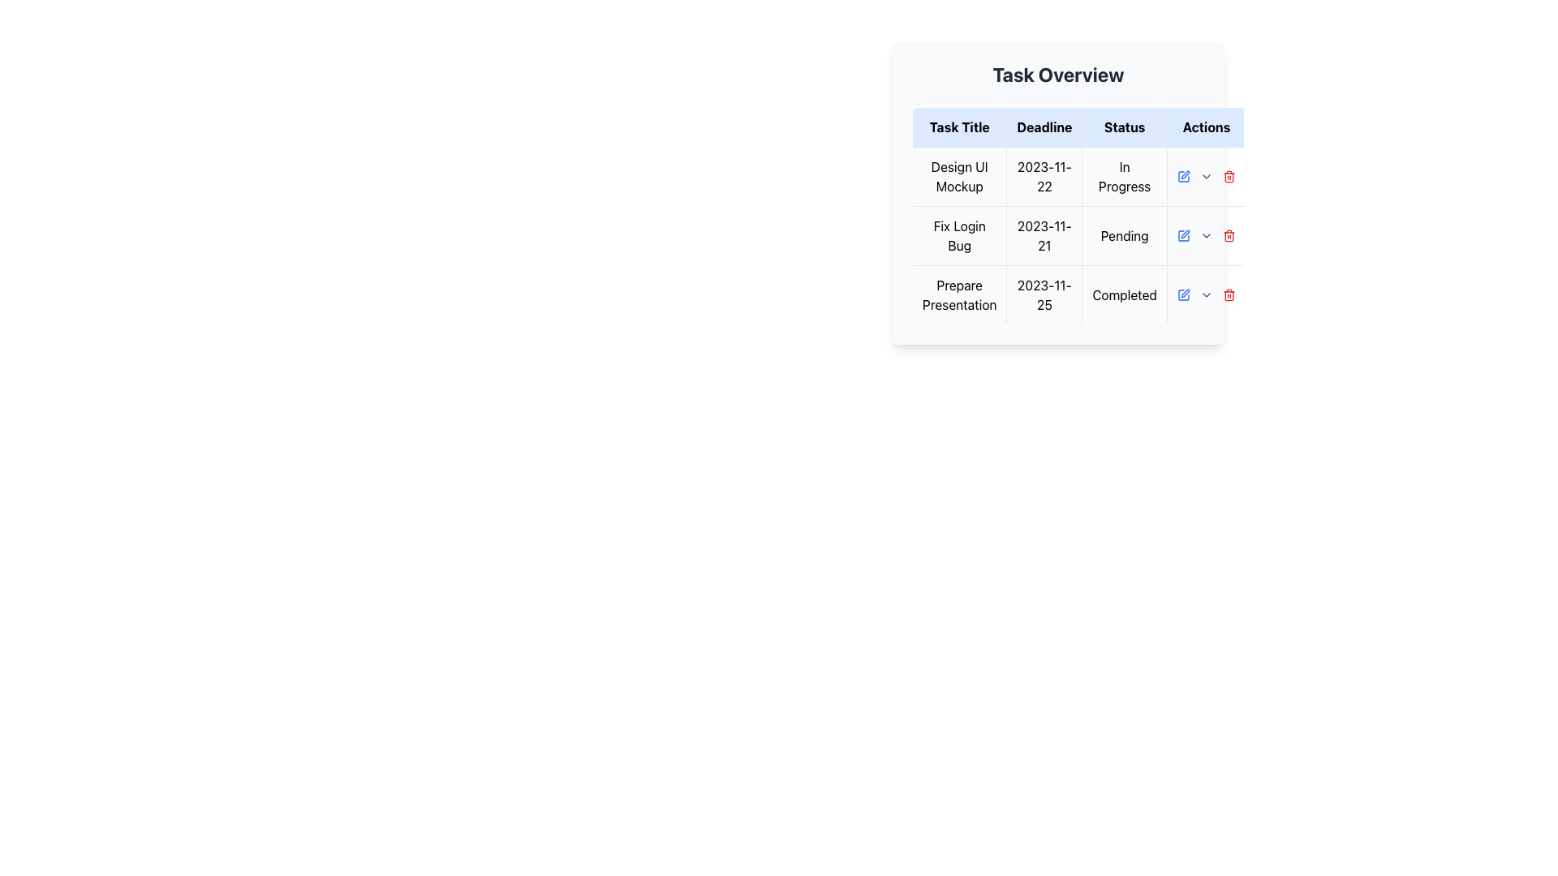  Describe the element at coordinates (1207, 235) in the screenshot. I see `the chevron icon in the Actions column of the second row under 'Task Overview'` at that location.